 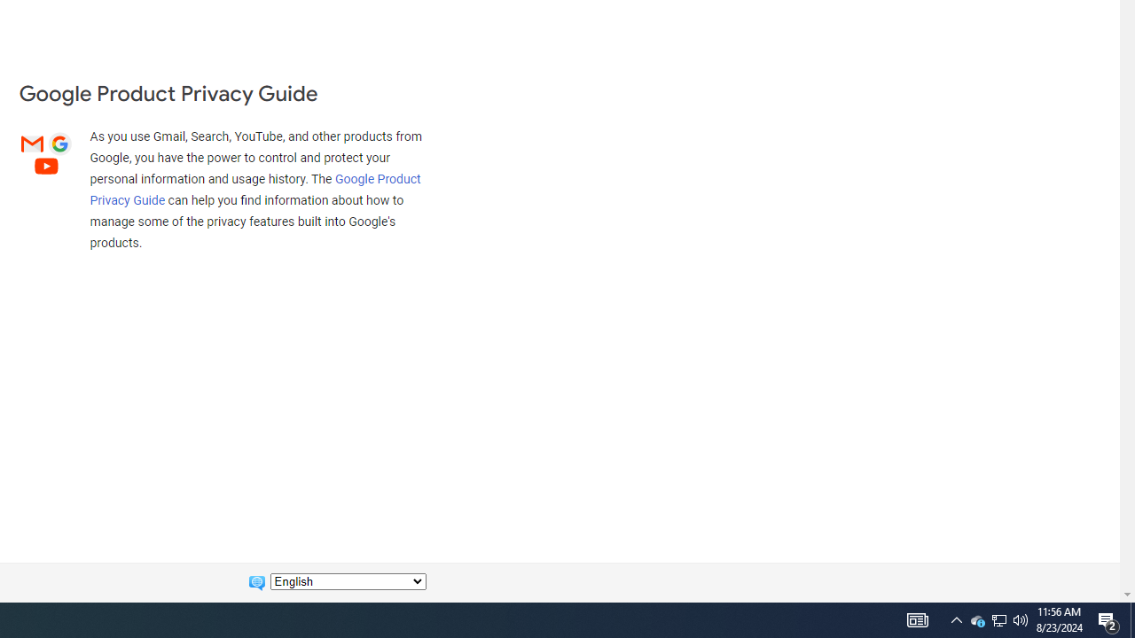 I want to click on 'Change language:', so click(x=348, y=581).